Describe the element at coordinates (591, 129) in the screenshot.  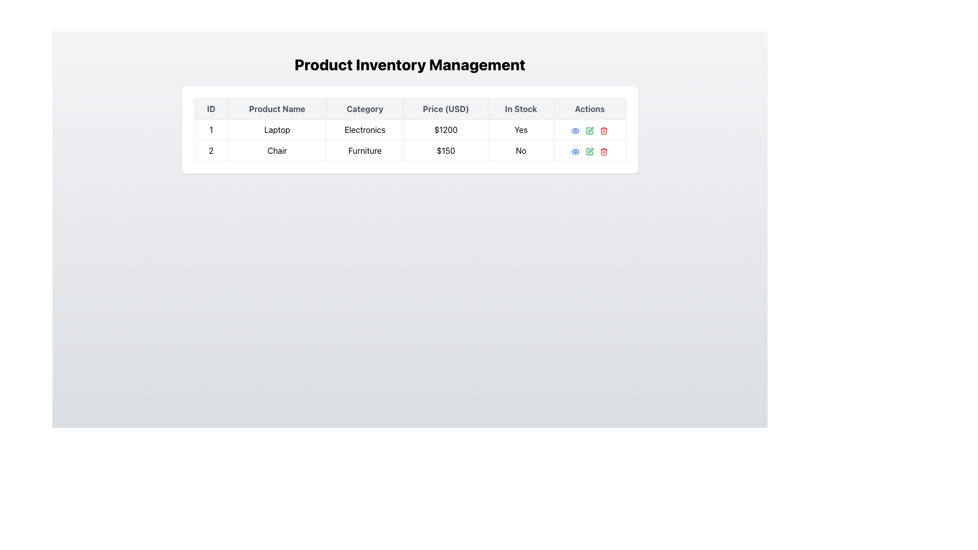
I see `the Edit icon in the Actions column of the second row for the item named 'Chair'` at that location.